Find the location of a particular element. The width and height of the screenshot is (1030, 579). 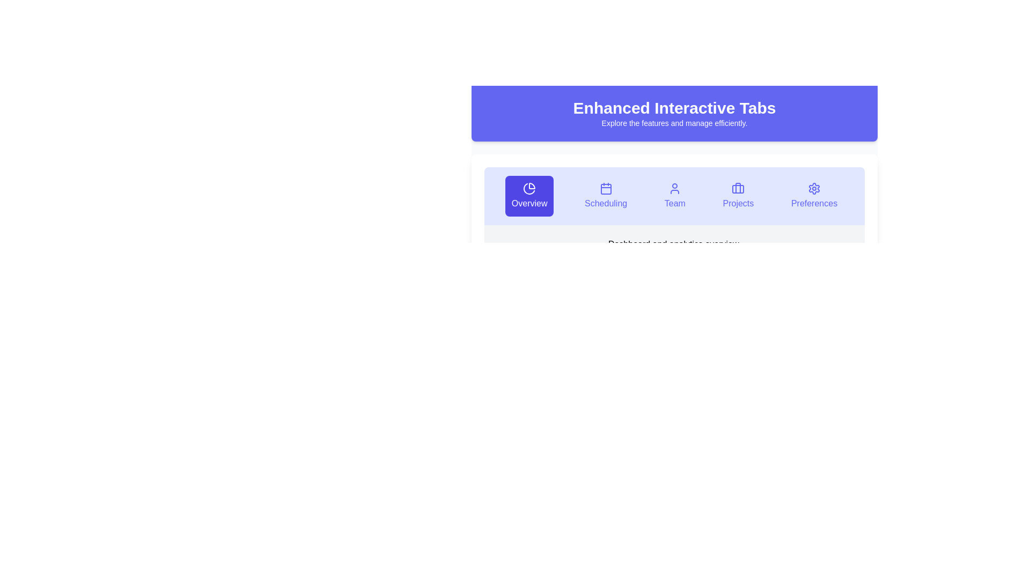

the 'Scheduling' button, which is a vertically stacked clickable button with a calendar icon above it, to trigger the hover effects is located at coordinates (606, 196).